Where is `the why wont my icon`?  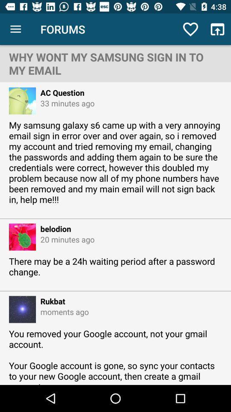 the why wont my icon is located at coordinates (115, 63).